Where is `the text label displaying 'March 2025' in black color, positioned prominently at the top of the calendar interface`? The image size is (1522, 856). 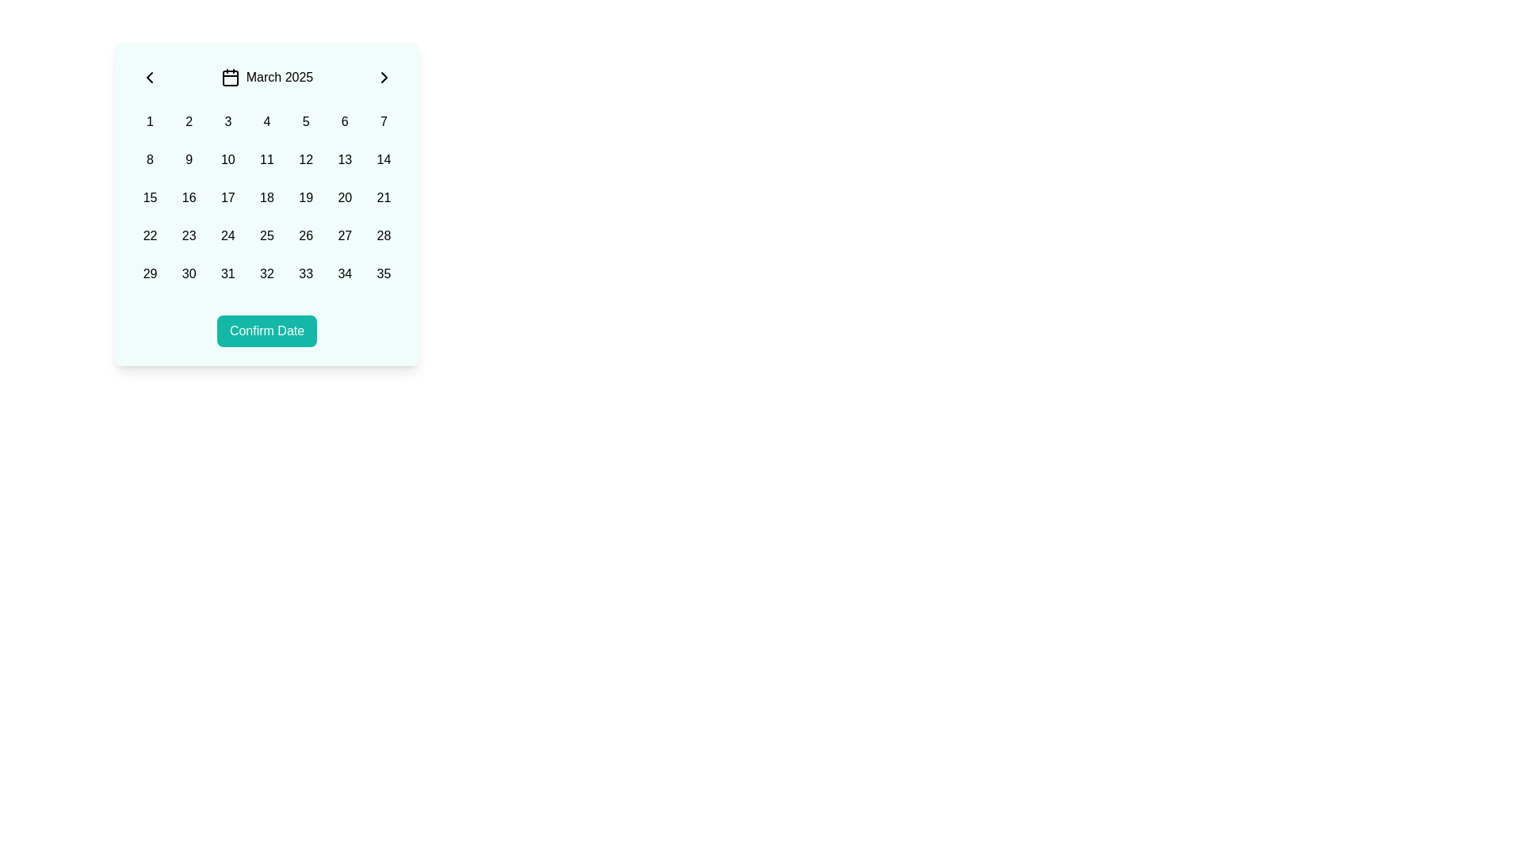 the text label displaying 'March 2025' in black color, positioned prominently at the top of the calendar interface is located at coordinates (280, 77).